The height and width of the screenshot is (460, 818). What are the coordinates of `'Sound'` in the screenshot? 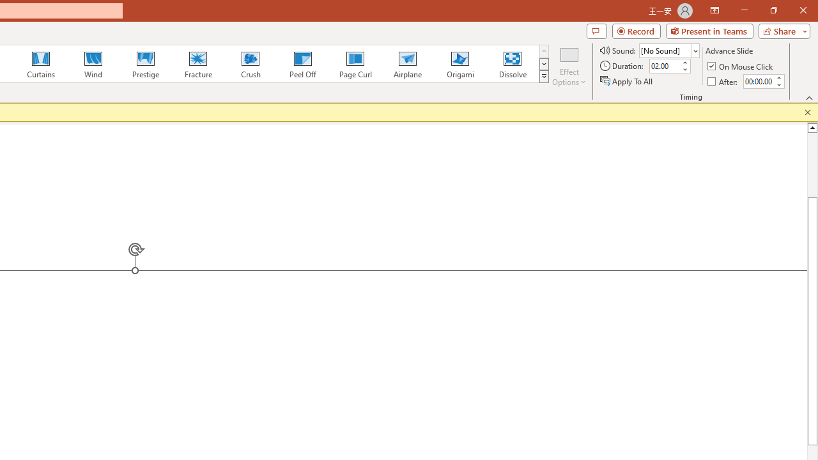 It's located at (668, 50).